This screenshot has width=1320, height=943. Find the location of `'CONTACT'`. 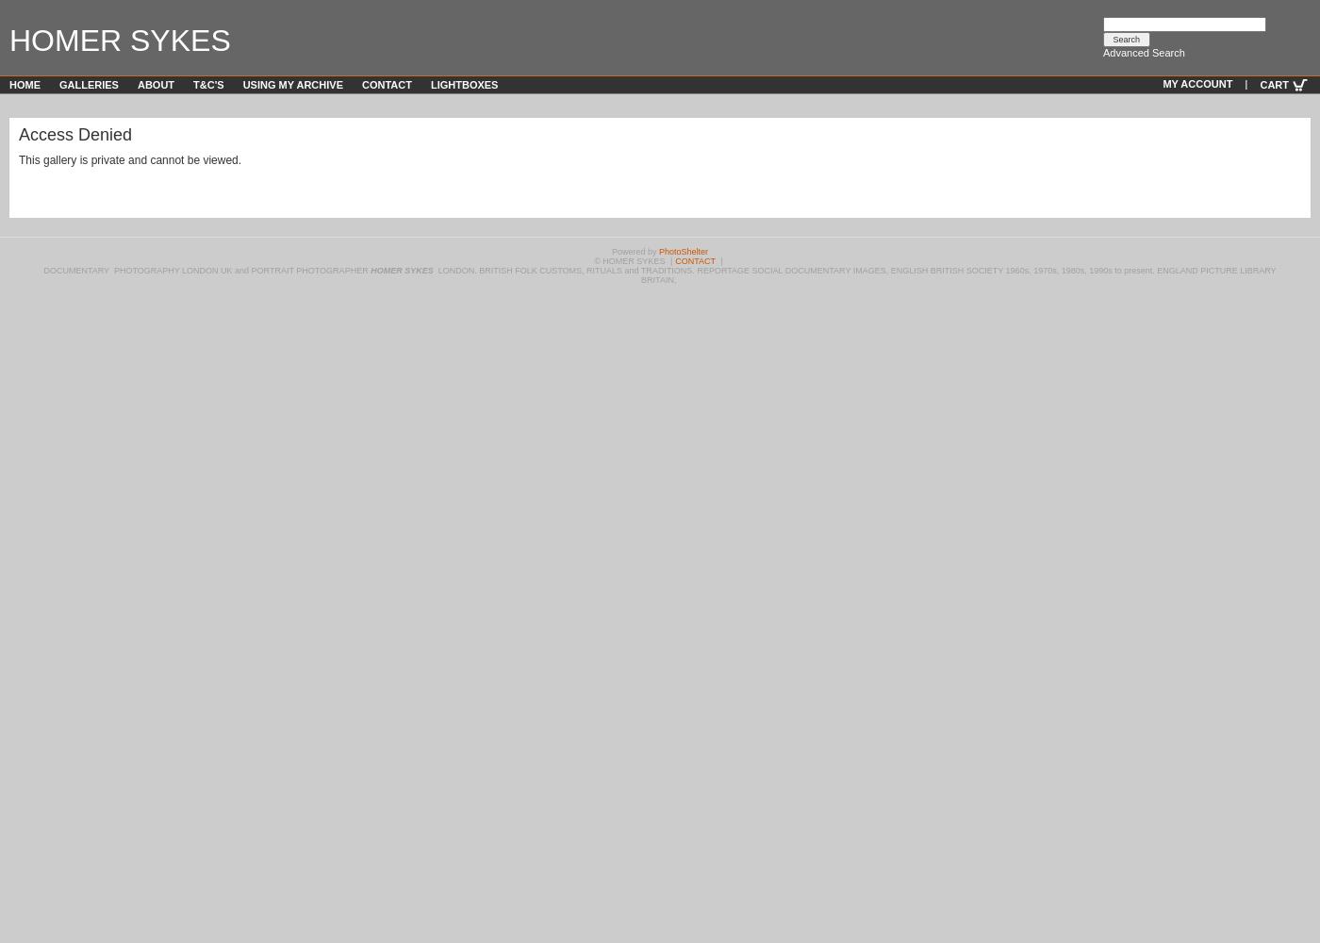

'CONTACT' is located at coordinates (694, 261).